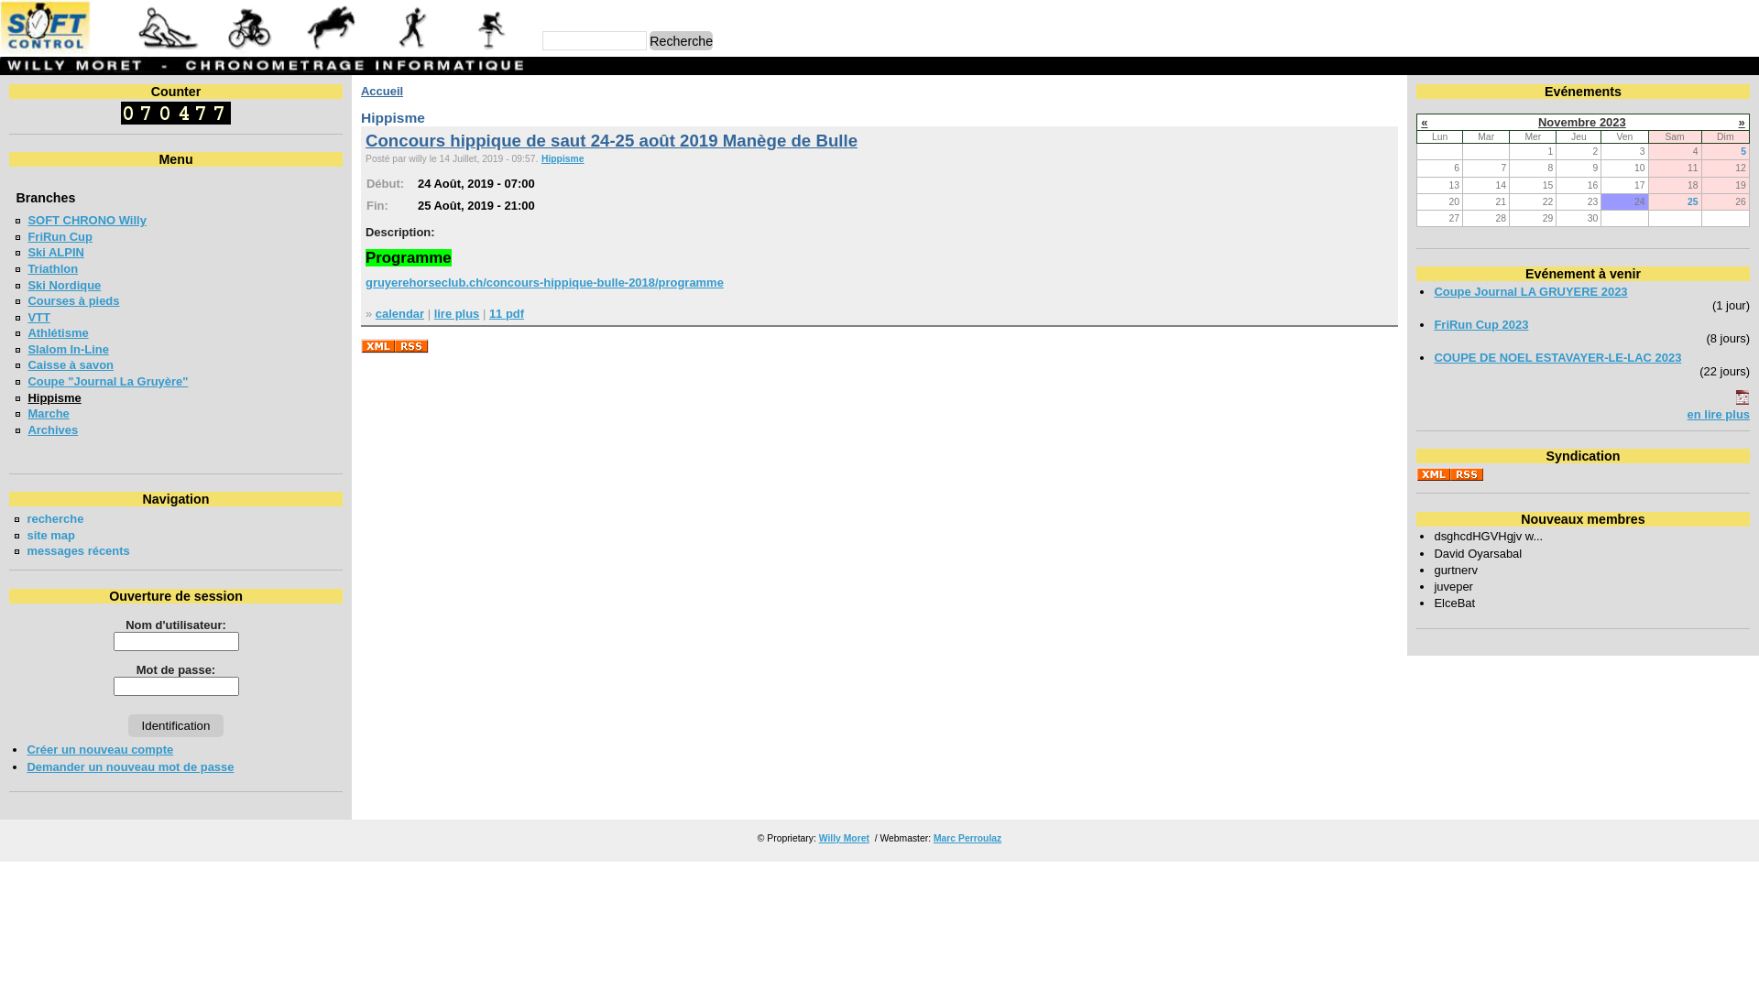  Describe the element at coordinates (1538, 122) in the screenshot. I see `'Novembre 2023'` at that location.